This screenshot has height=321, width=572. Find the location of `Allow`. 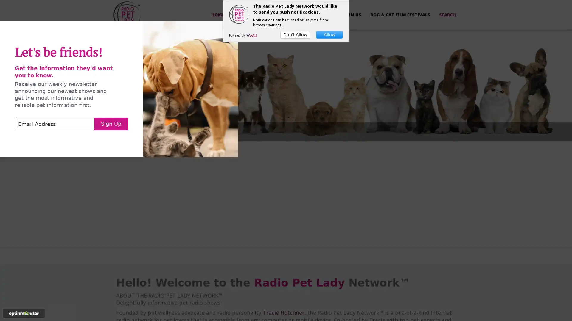

Allow is located at coordinates (329, 34).